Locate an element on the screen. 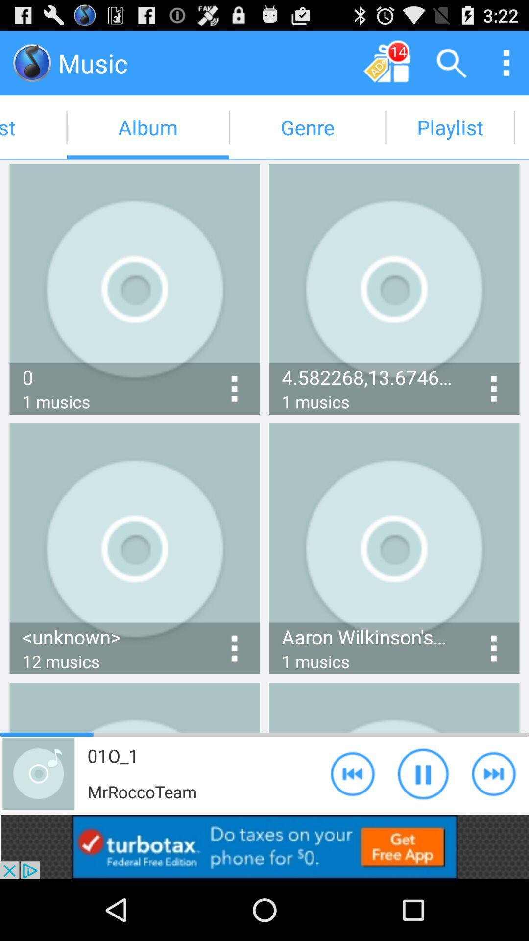  album is located at coordinates (148, 126).